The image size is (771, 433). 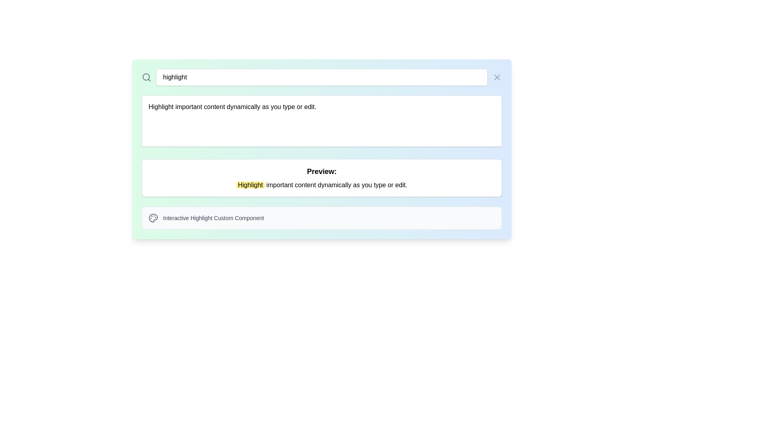 I want to click on the close icon represented by an 'X' shape, styled with a gray color, located at the top-right corner of the text input box, so click(x=497, y=77).